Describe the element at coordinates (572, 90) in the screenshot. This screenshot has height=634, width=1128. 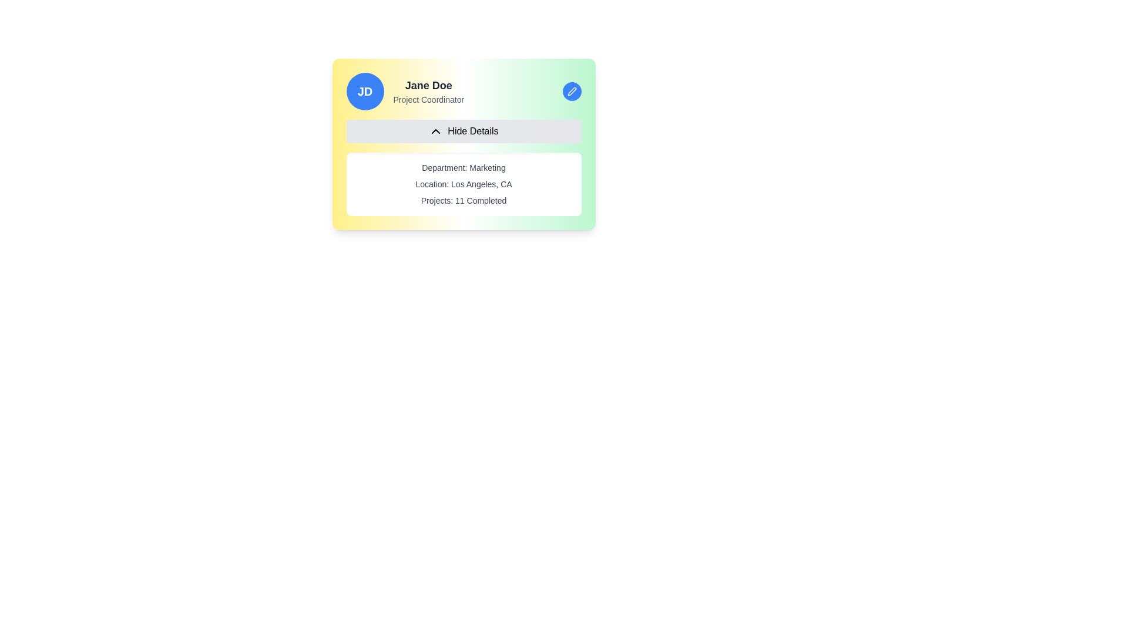
I see `the circular blue button with a white pencil icon located at the upper right corner of the profile card to initiate editing` at that location.